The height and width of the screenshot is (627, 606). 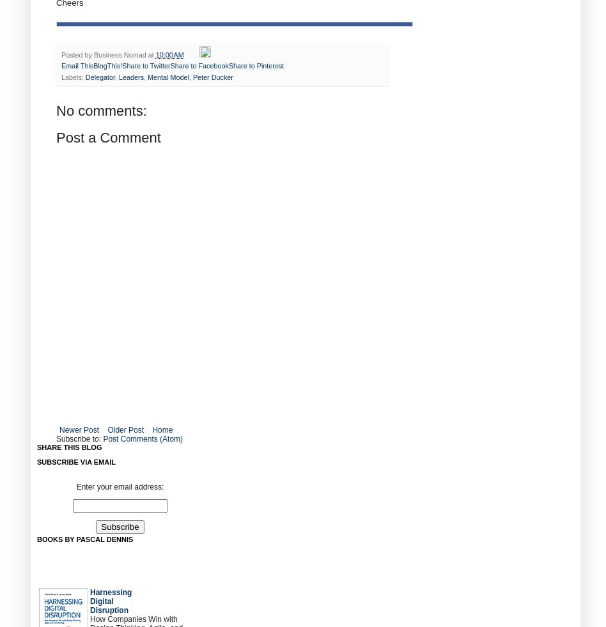 I want to click on 'Digital', so click(x=100, y=601).